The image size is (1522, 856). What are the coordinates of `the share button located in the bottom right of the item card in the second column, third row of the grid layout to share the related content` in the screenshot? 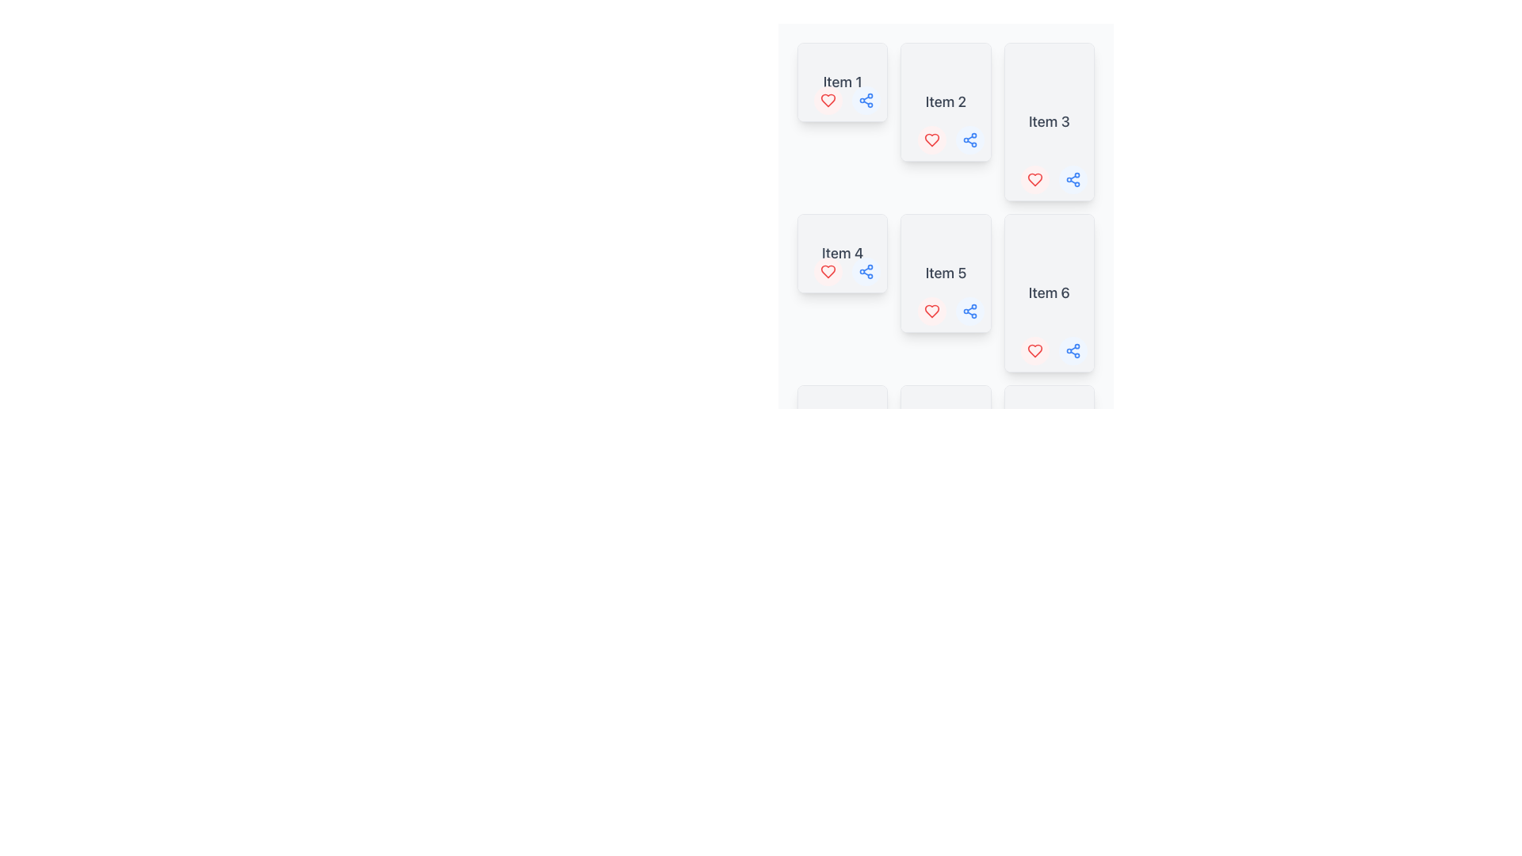 It's located at (1073, 522).